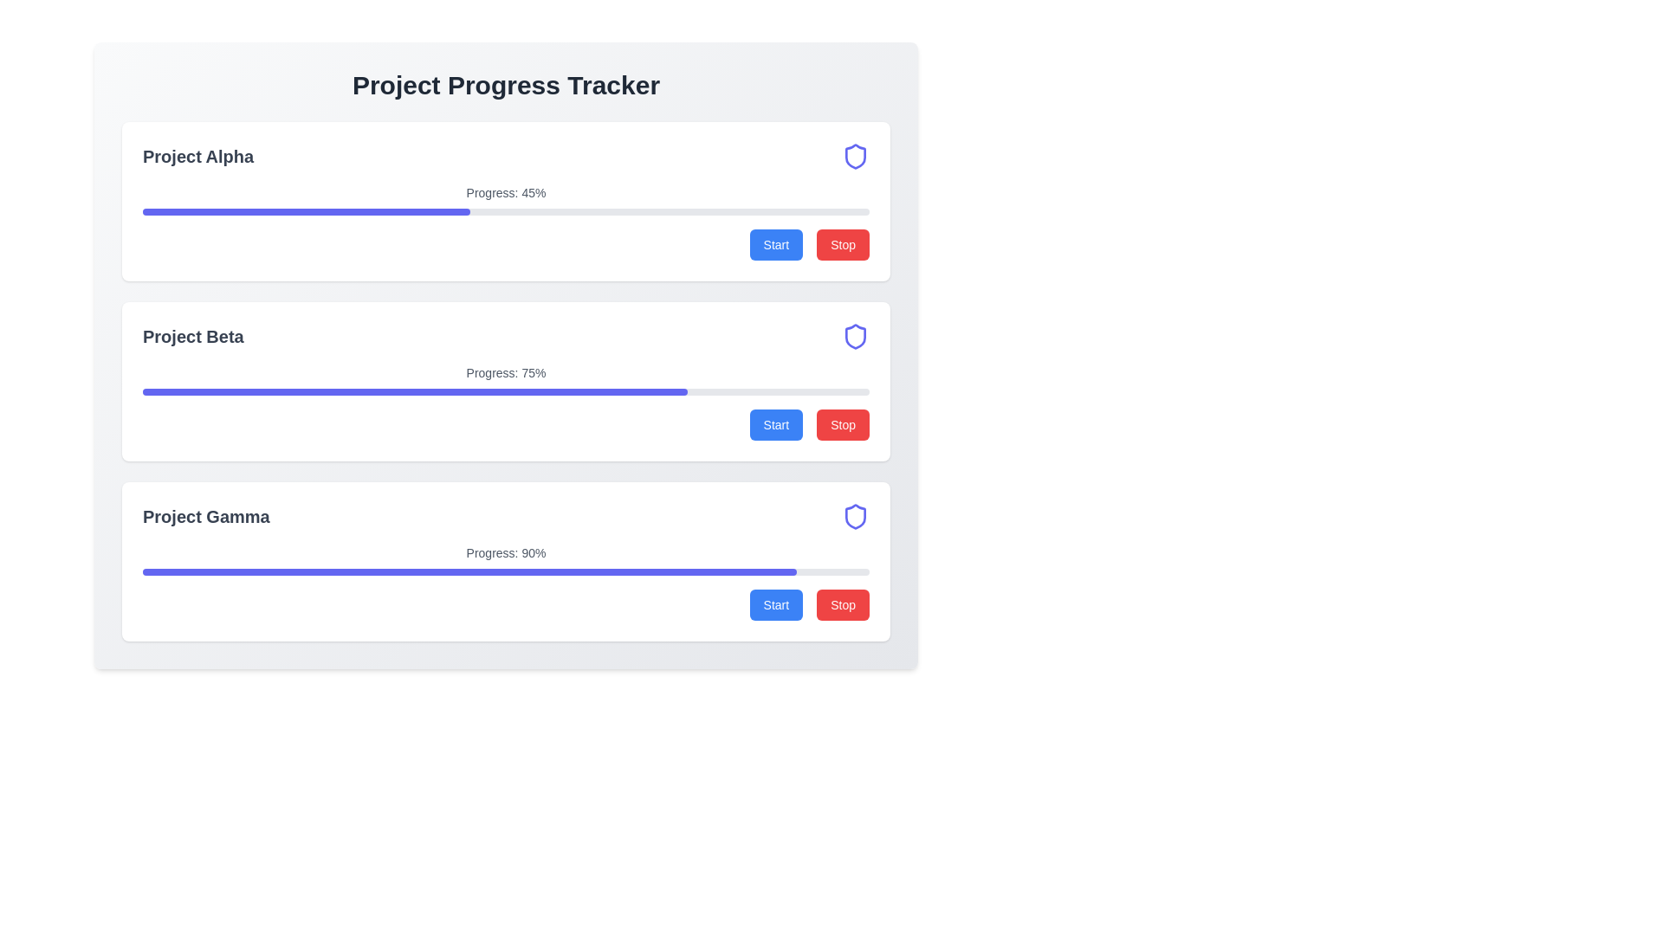 This screenshot has width=1663, height=935. What do you see at coordinates (775, 424) in the screenshot?
I see `the rectangular 'Start' button with a blue background and white text to initiate the process` at bounding box center [775, 424].